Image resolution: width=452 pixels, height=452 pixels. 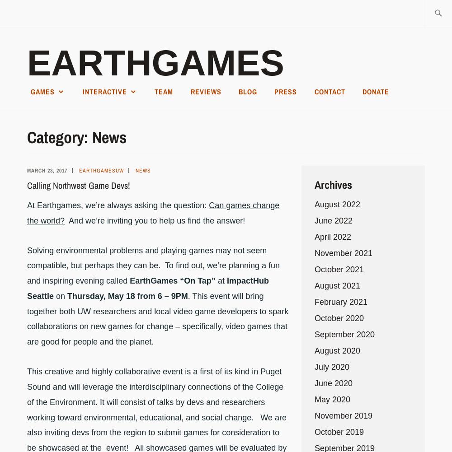 What do you see at coordinates (42, 91) in the screenshot?
I see `'Games'` at bounding box center [42, 91].